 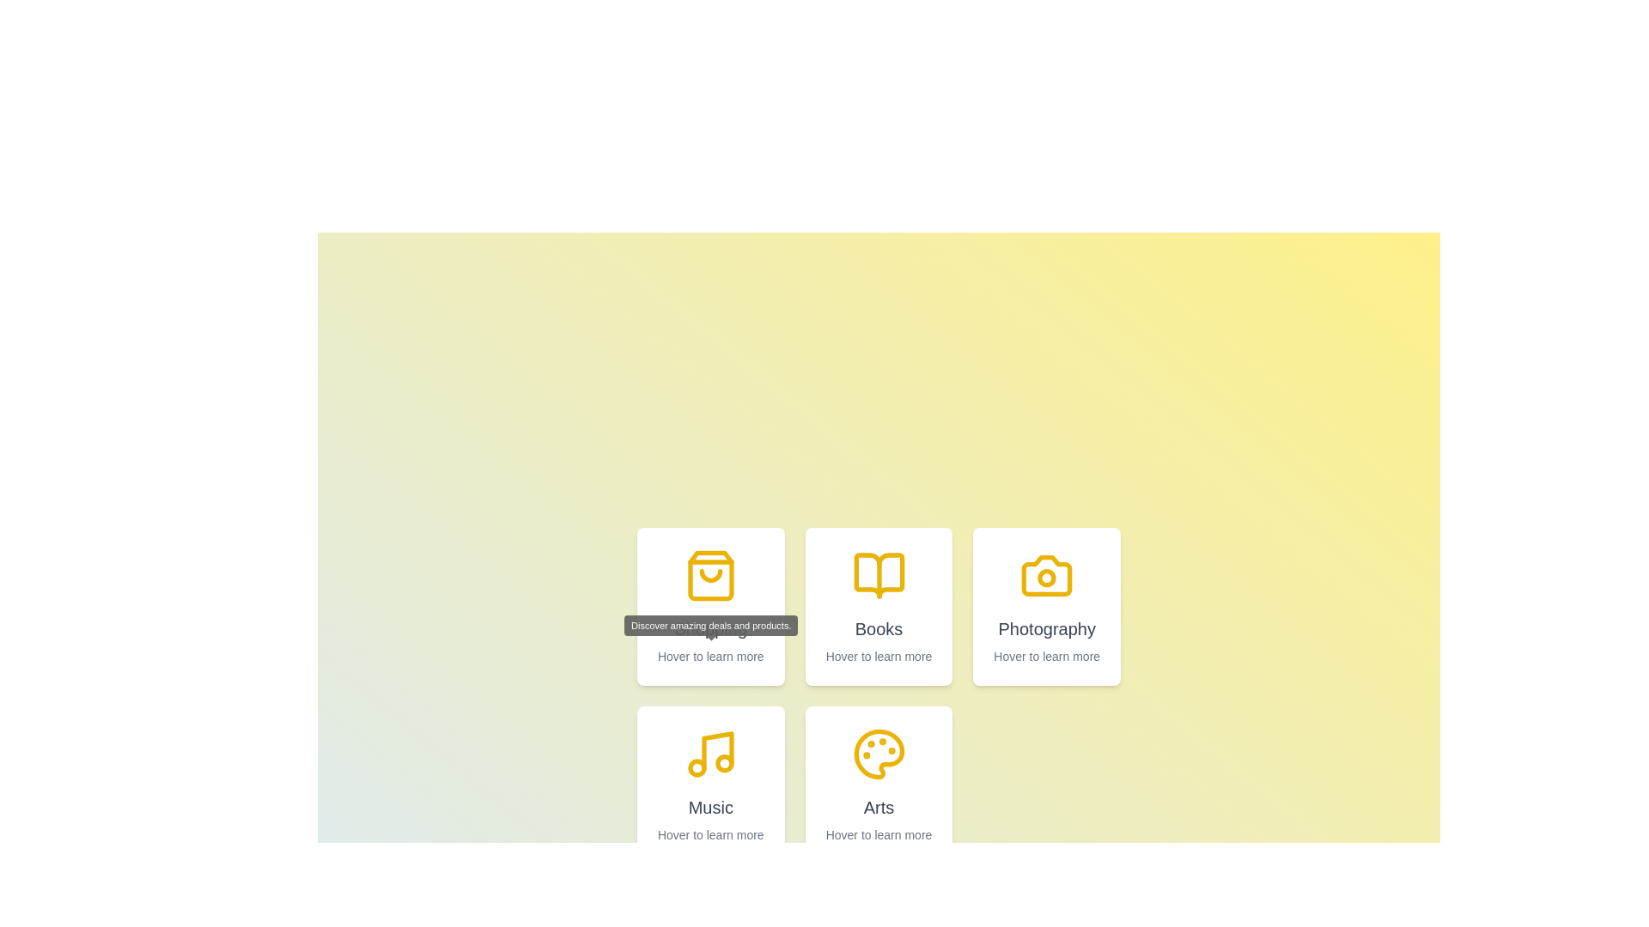 What do you see at coordinates (879, 833) in the screenshot?
I see `the text display element reading 'Hover to learn more', styled in gray and positioned at the bottom of the 'Arts' card` at bounding box center [879, 833].